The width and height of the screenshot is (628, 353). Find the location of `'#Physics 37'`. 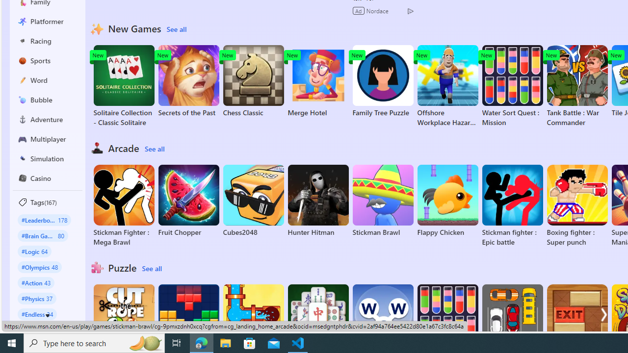

'#Physics 37' is located at coordinates (37, 298).